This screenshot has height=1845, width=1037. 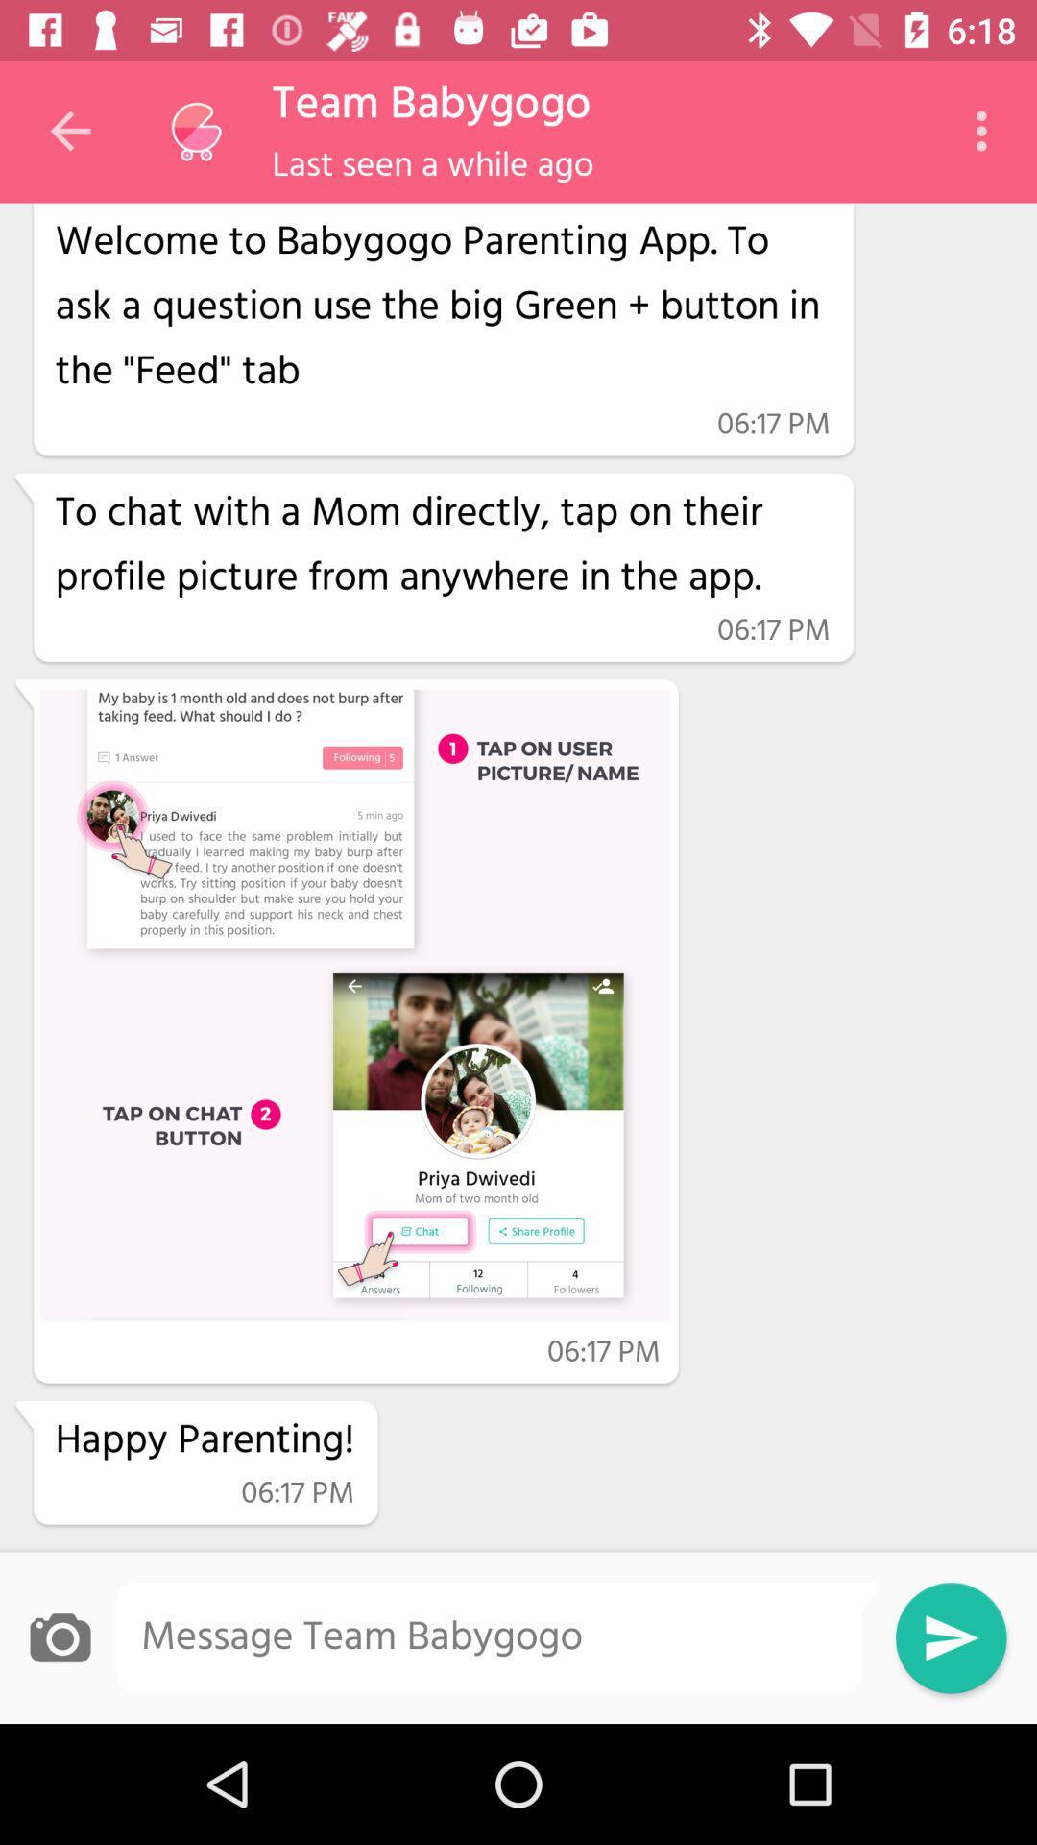 What do you see at coordinates (69, 130) in the screenshot?
I see `the item above the hi app crawler item` at bounding box center [69, 130].